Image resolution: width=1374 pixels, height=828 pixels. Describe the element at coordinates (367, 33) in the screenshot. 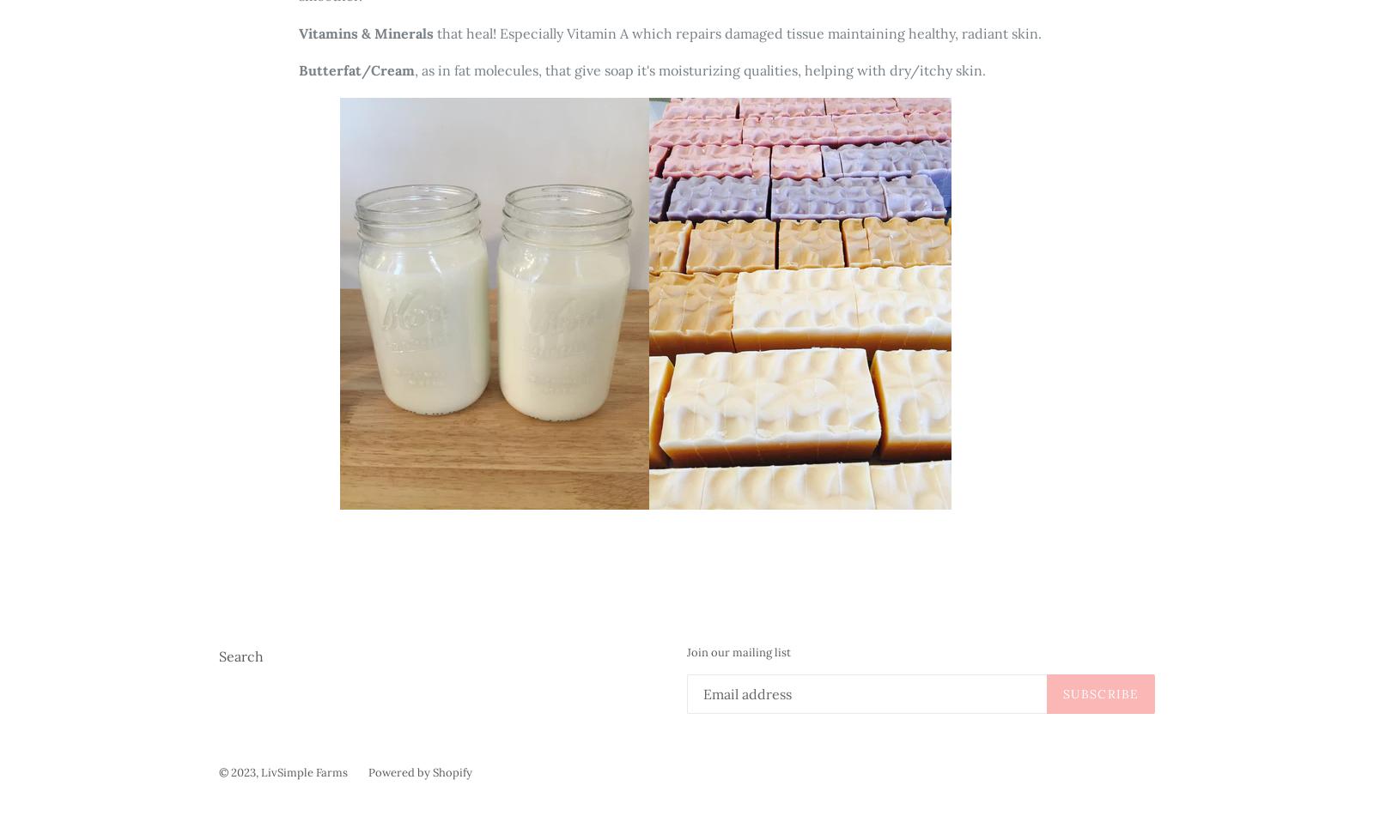

I see `'Vitamins & Minerals'` at that location.